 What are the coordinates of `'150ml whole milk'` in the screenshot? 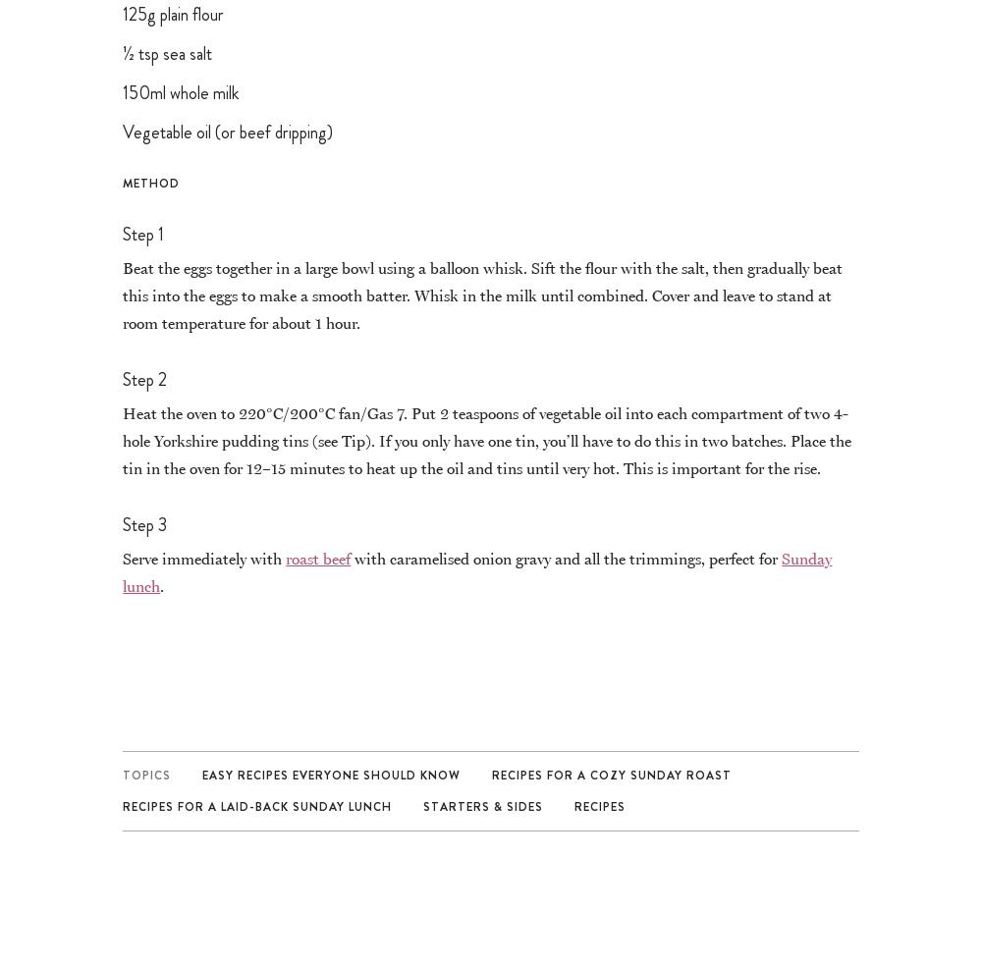 It's located at (181, 90).